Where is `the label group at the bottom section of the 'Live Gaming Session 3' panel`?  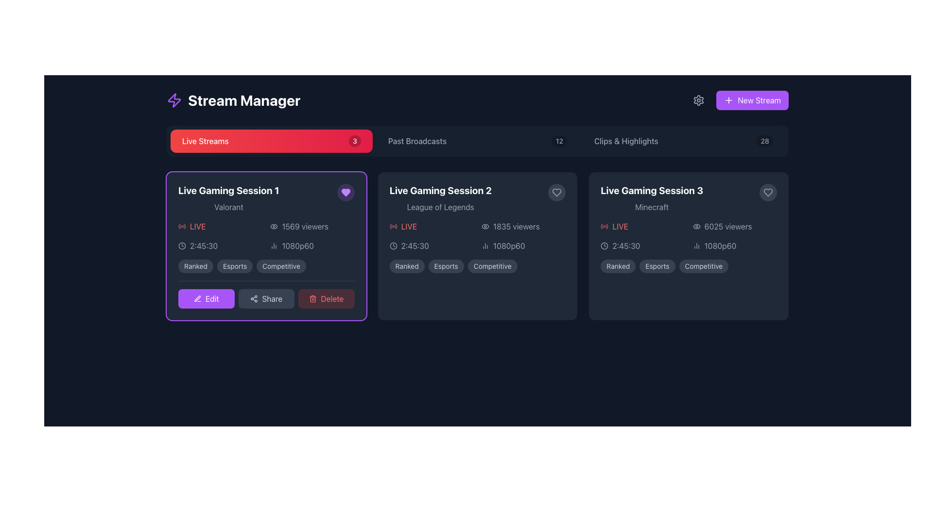
the label group at the bottom section of the 'Live Gaming Session 3' panel is located at coordinates (688, 266).